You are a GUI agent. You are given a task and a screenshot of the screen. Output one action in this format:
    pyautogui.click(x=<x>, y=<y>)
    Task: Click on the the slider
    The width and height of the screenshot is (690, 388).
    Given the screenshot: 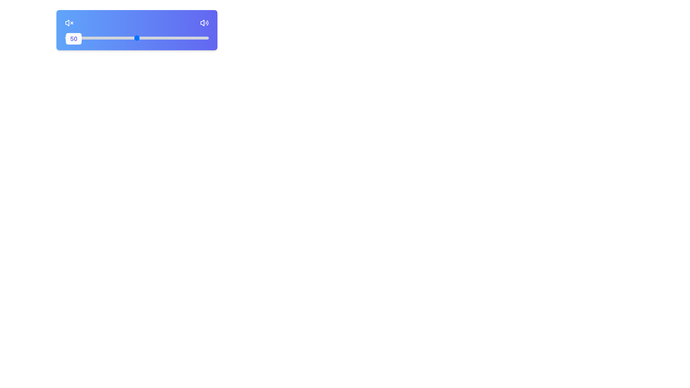 What is the action you would take?
    pyautogui.click(x=92, y=38)
    